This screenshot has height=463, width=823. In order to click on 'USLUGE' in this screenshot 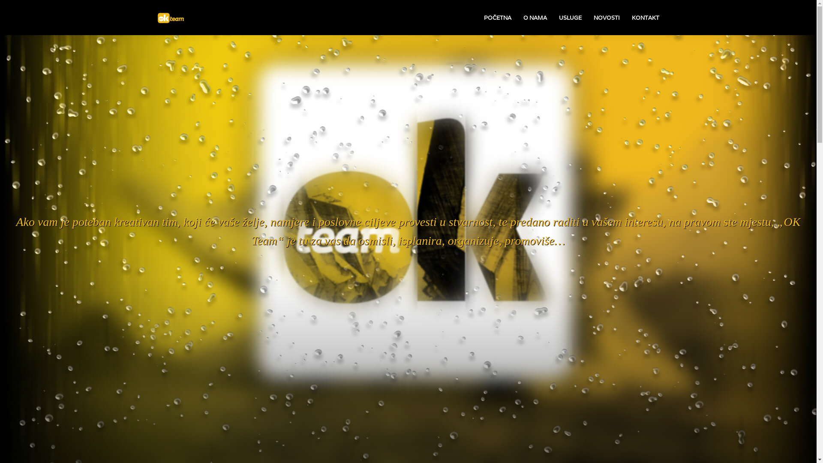, I will do `click(570, 18)`.